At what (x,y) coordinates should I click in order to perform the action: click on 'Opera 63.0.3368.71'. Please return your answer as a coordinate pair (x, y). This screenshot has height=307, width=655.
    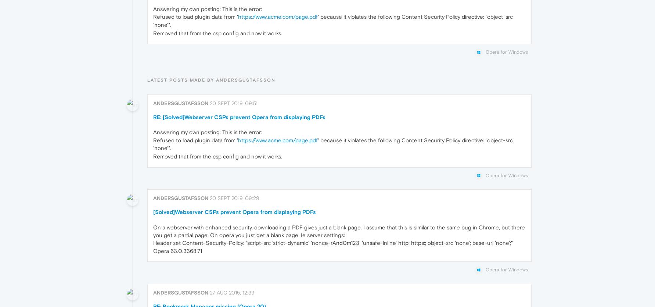
    Looking at the image, I should click on (152, 250).